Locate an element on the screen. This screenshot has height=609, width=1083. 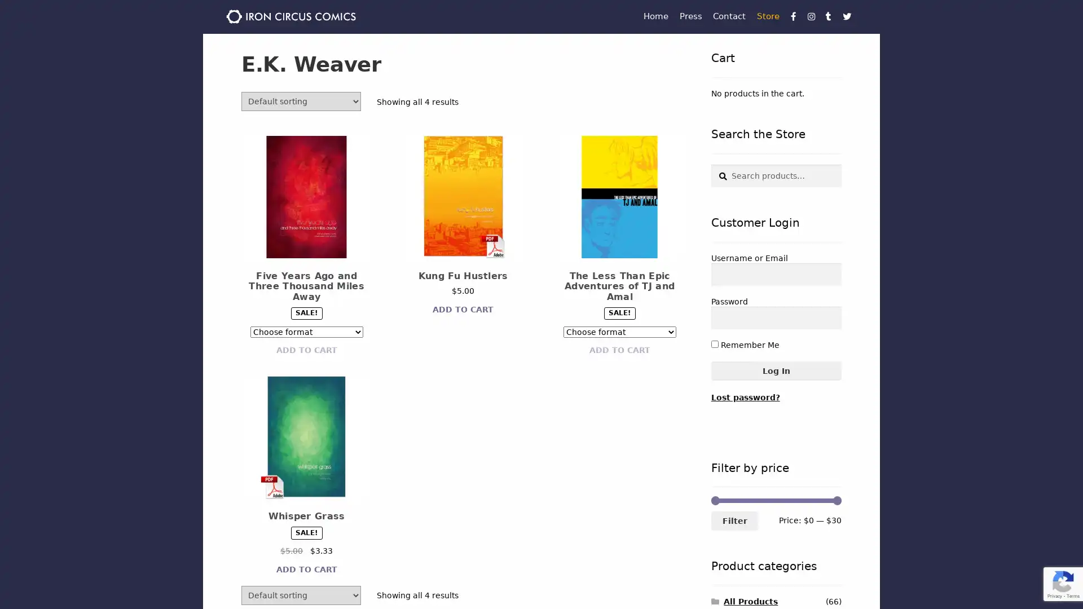
ADD TO CART is located at coordinates (306, 350).